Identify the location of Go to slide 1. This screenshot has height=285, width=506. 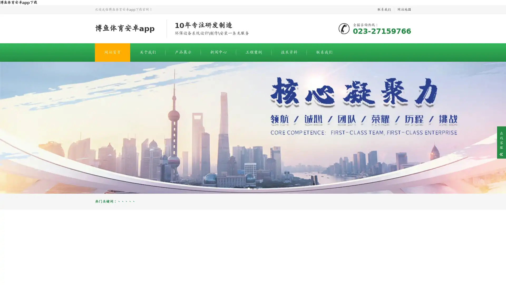
(249, 188).